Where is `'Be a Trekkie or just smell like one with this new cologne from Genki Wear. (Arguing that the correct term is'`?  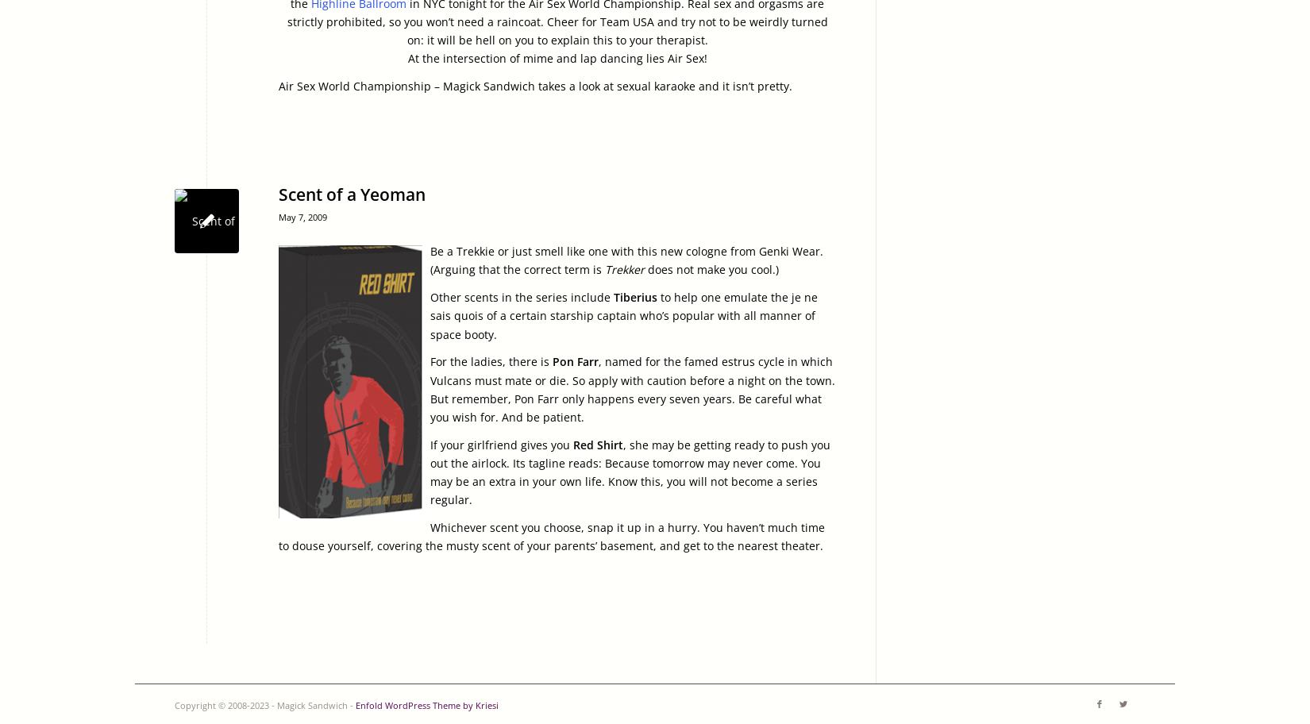 'Be a Trekkie or just smell like one with this new cologne from Genki Wear. (Arguing that the correct term is' is located at coordinates (626, 260).